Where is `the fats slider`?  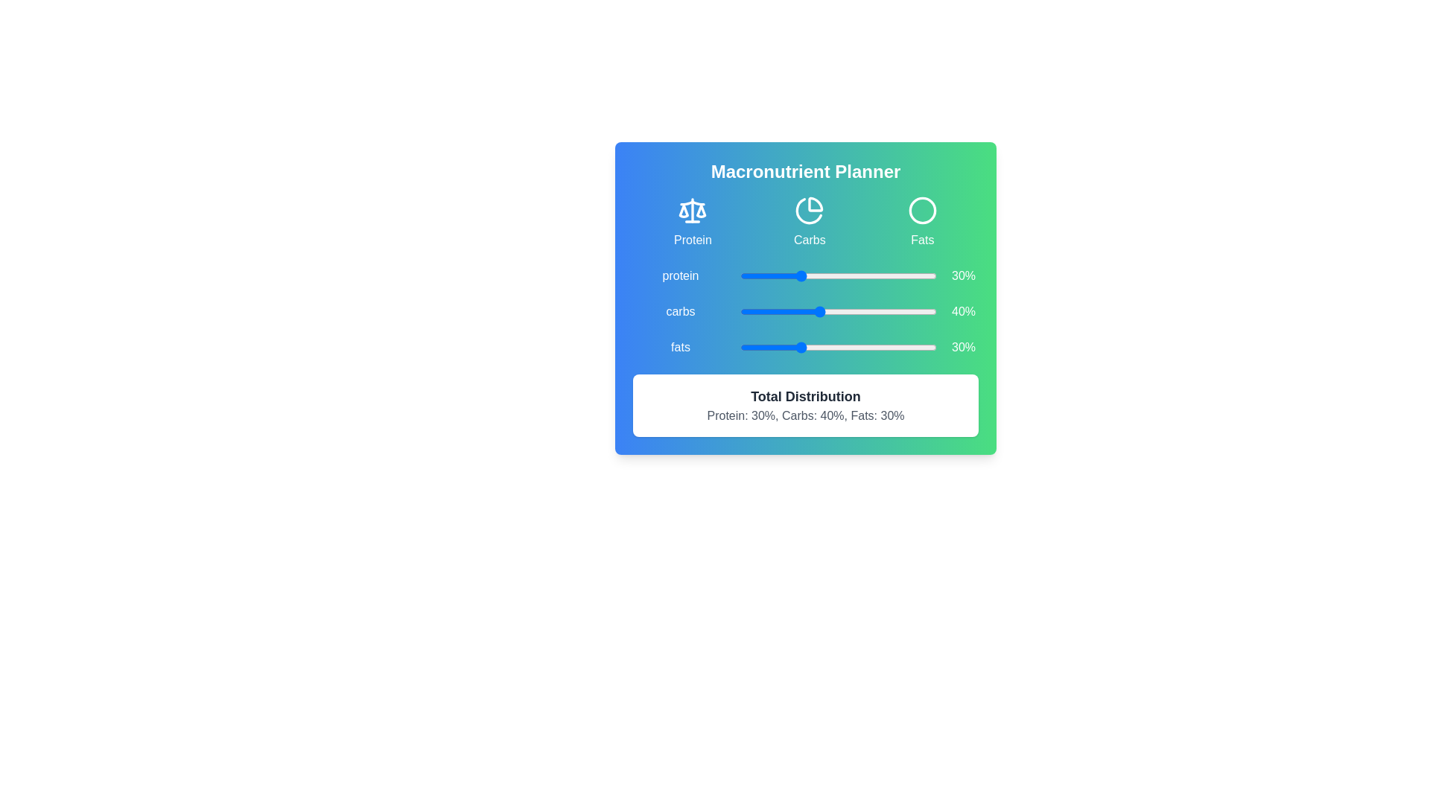
the fats slider is located at coordinates (887, 347).